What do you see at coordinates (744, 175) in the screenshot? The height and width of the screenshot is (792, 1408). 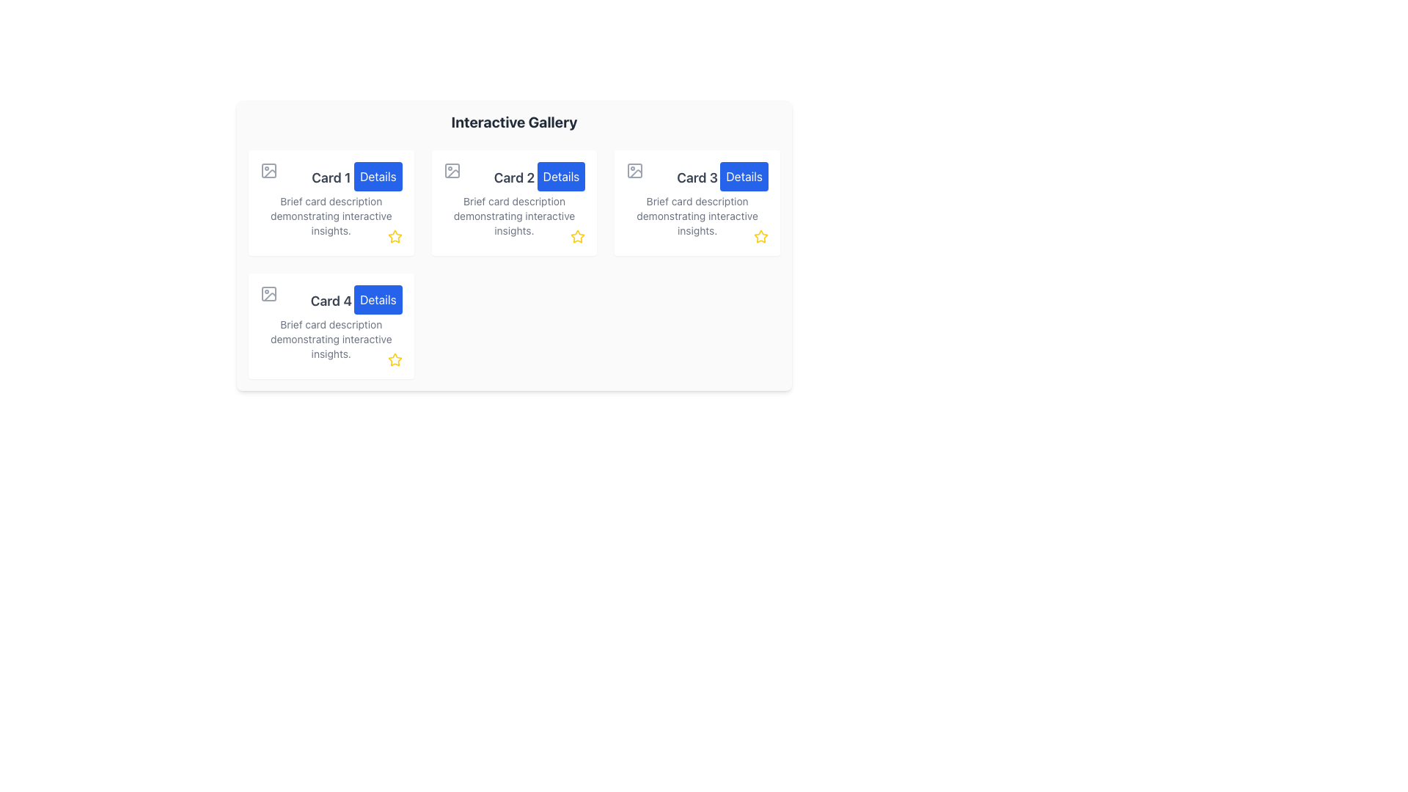 I see `the blue rectangular 'Details' button with white text located in the top-right corner of 'Card 3' within the 'Interactive Gallery' section` at bounding box center [744, 175].